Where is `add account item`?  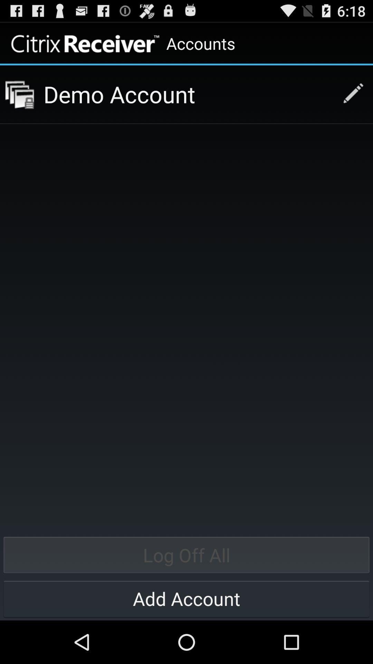 add account item is located at coordinates (186, 598).